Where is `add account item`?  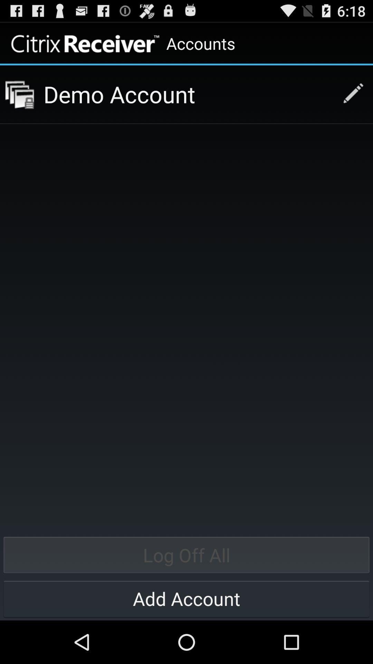 add account item is located at coordinates (186, 598).